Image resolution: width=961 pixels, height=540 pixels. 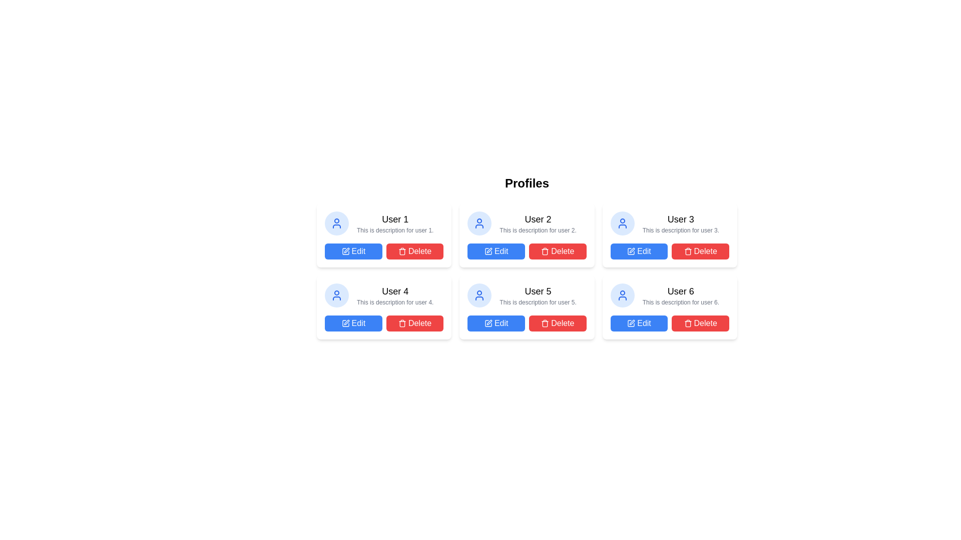 I want to click on the design of the SVG icon styled as a pen and square, which is part of the blue 'Edit' button on the 'User 3' profile card located in the top-right of the profiles grid, so click(x=631, y=250).